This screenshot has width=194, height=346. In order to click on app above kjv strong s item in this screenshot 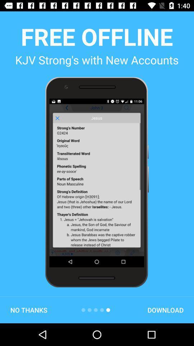, I will do `click(97, 36)`.